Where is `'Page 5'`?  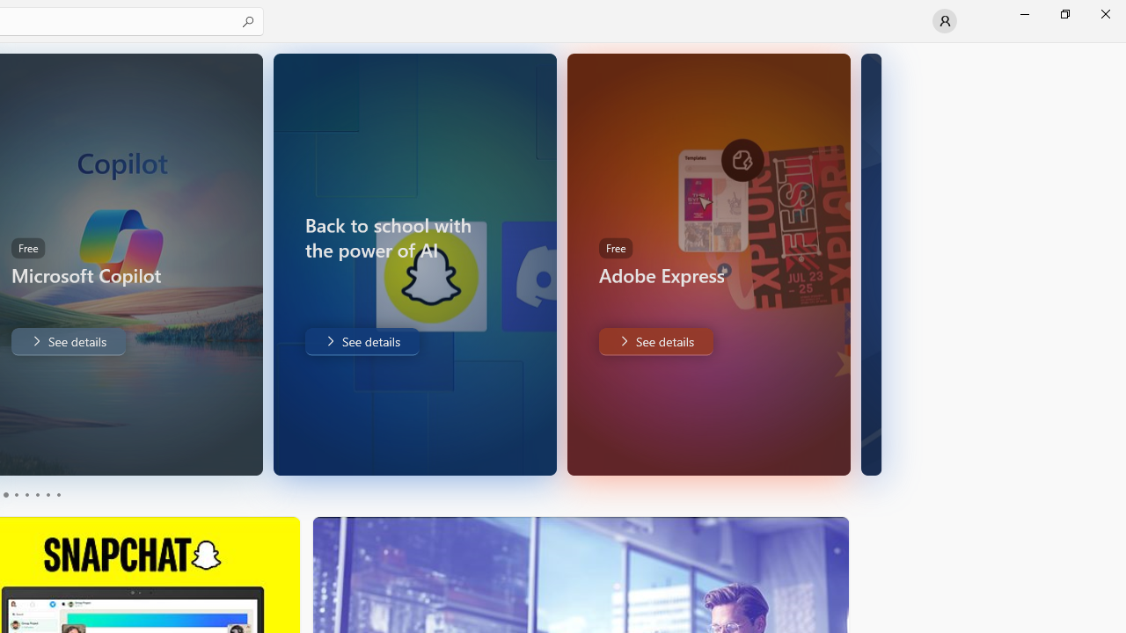 'Page 5' is located at coordinates (48, 495).